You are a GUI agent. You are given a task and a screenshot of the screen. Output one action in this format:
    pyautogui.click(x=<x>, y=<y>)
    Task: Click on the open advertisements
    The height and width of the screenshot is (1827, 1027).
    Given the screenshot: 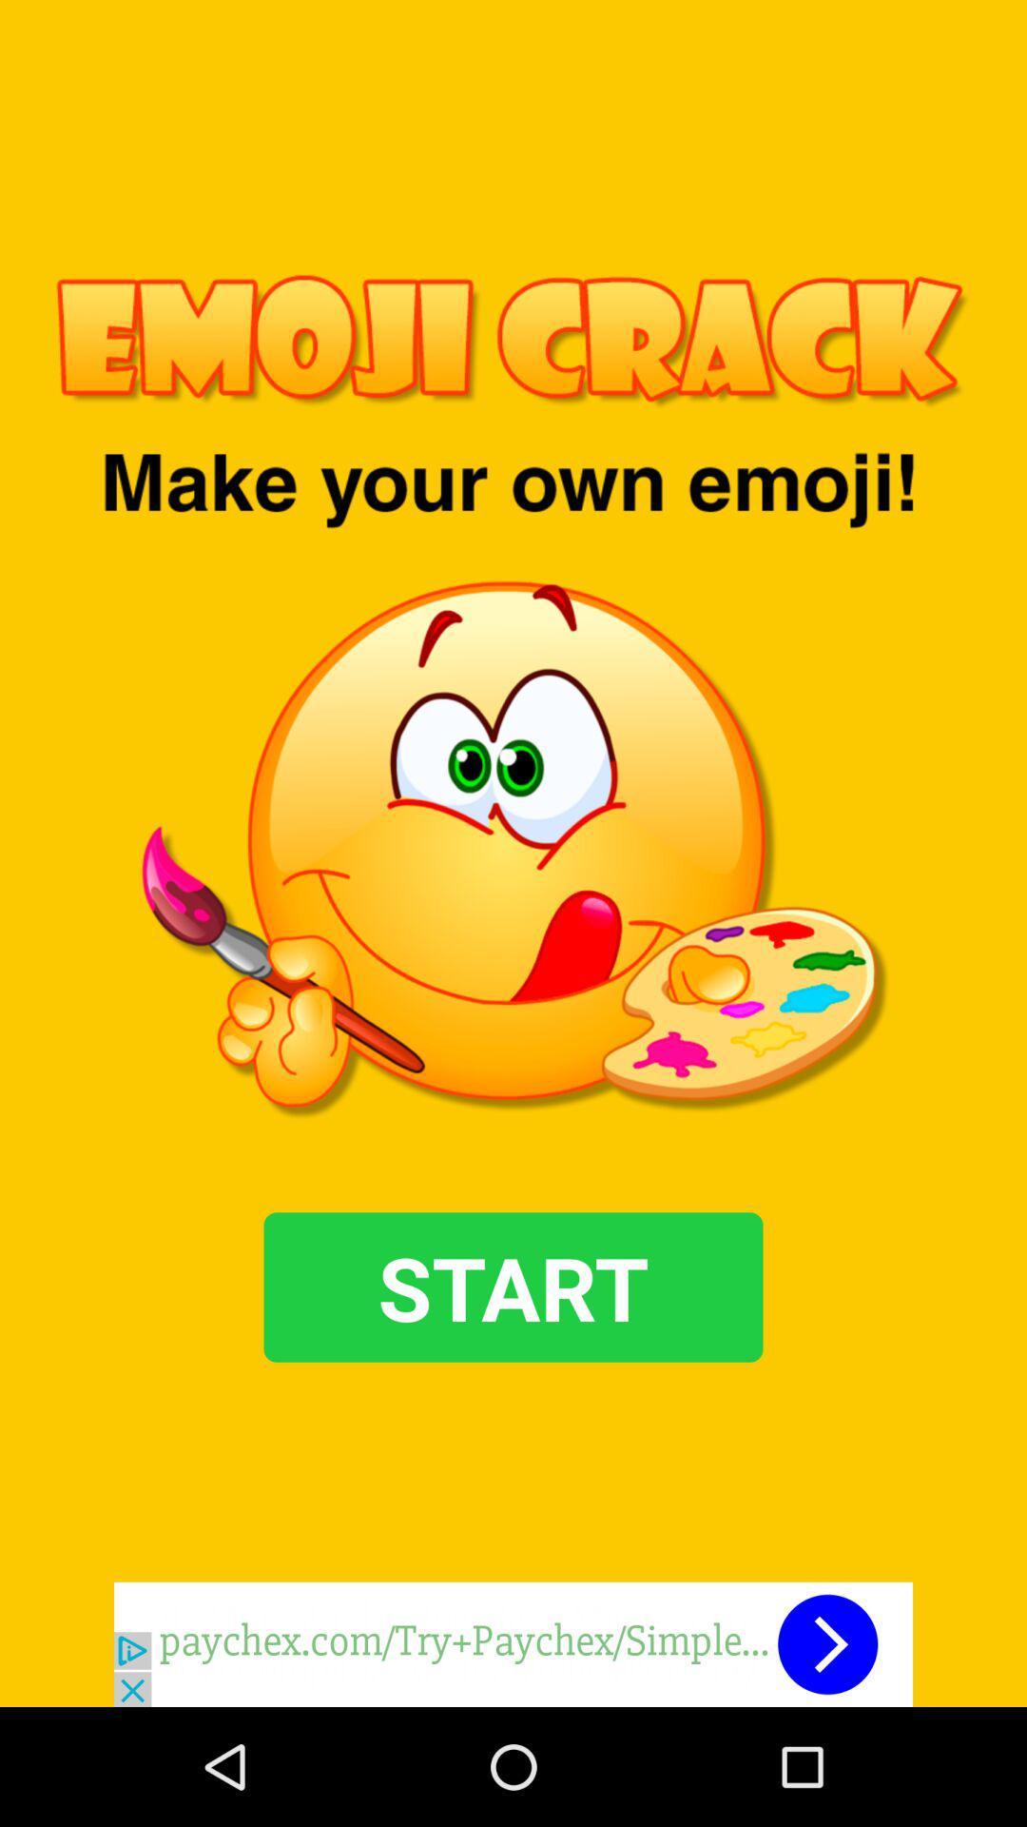 What is the action you would take?
    pyautogui.click(x=513, y=1643)
    